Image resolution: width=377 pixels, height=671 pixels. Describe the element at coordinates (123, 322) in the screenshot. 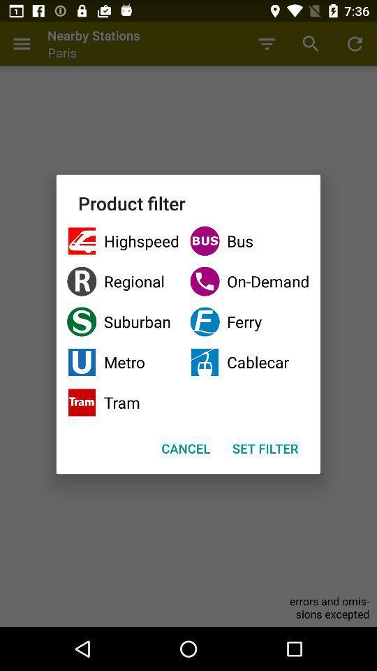

I see `the icon above metro checkbox` at that location.